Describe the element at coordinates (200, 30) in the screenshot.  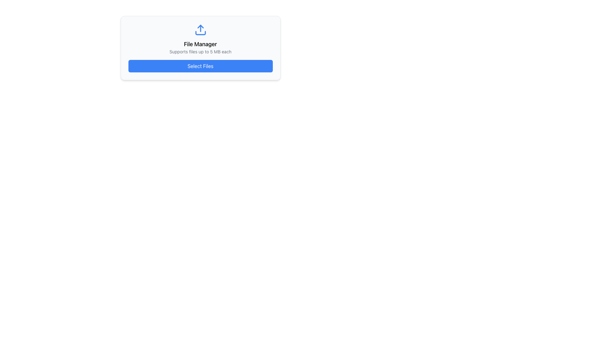
I see `the blue upload icon, which features an upward arrow in a tray-like design, located at the top of the 'File Manager' section` at that location.